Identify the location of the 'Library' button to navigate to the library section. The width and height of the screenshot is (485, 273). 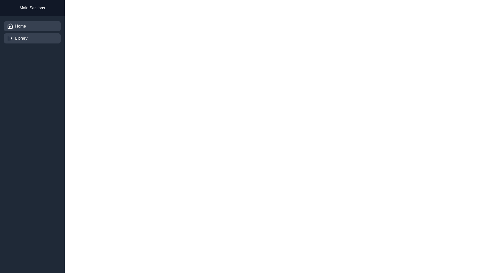
(32, 38).